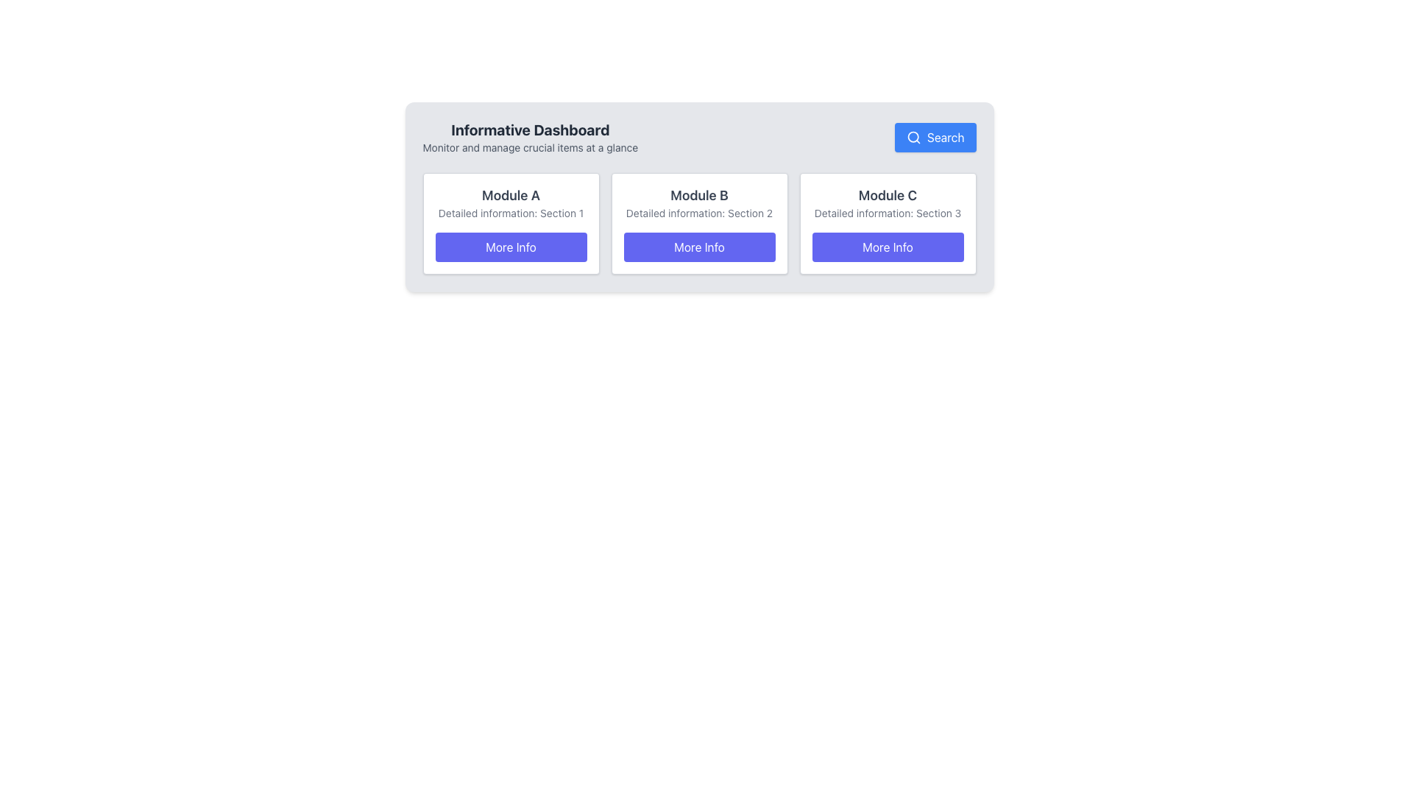 The image size is (1413, 795). What do you see at coordinates (511, 246) in the screenshot?
I see `the 'More Info' button, which is a rectangular button with a blue background and white text, located under the header 'Module A' and the descriptive text 'Detailed information: Section 1'` at bounding box center [511, 246].